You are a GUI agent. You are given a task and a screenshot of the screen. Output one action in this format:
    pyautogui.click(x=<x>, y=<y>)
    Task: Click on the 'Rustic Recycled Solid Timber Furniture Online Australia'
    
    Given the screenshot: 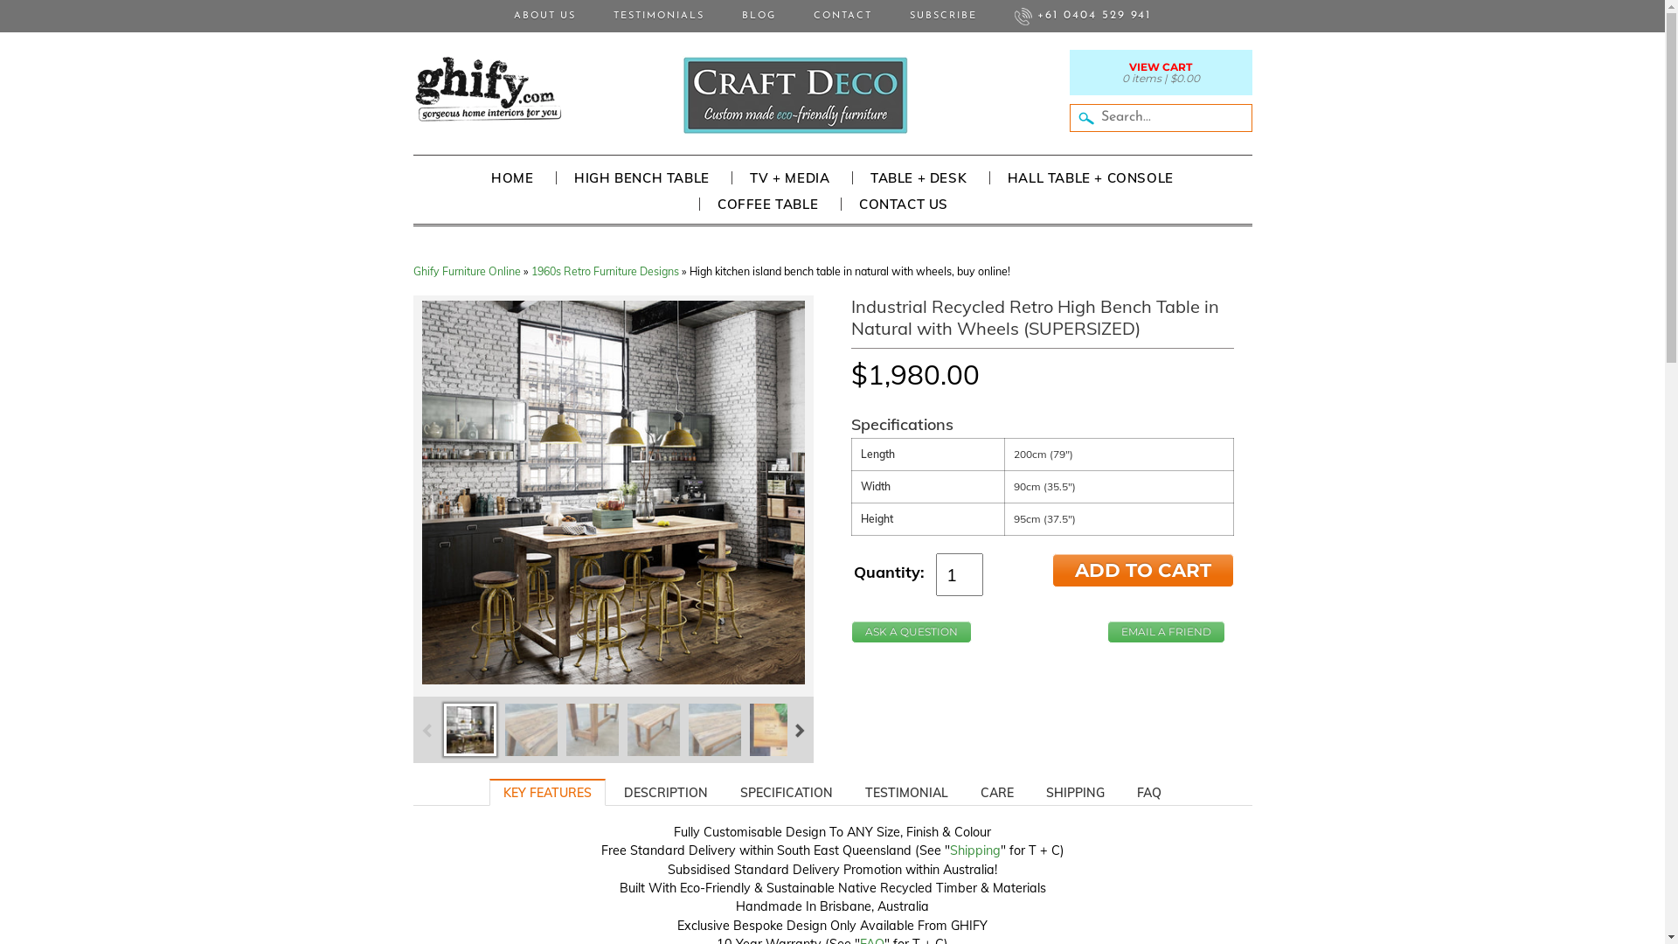 What is the action you would take?
    pyautogui.click(x=486, y=88)
    